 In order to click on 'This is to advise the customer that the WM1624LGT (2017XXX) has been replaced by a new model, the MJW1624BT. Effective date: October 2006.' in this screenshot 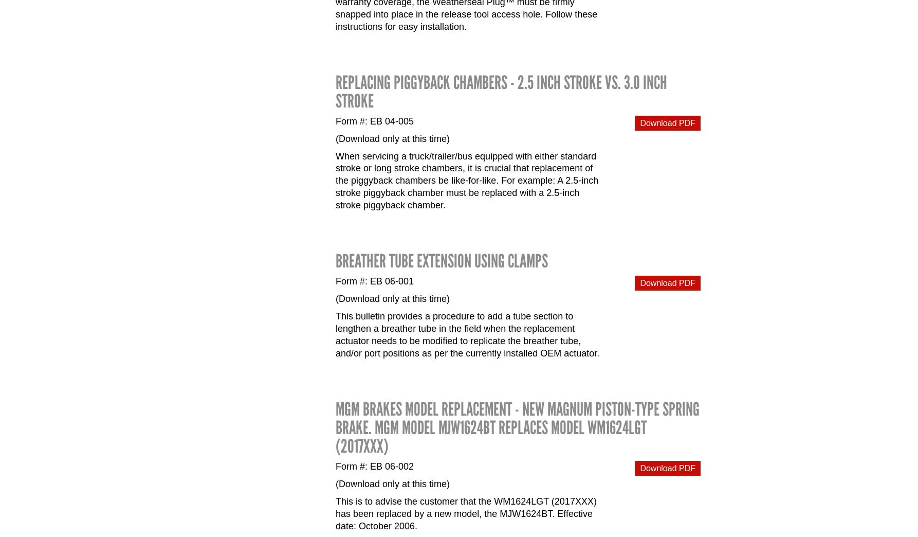, I will do `click(466, 514)`.